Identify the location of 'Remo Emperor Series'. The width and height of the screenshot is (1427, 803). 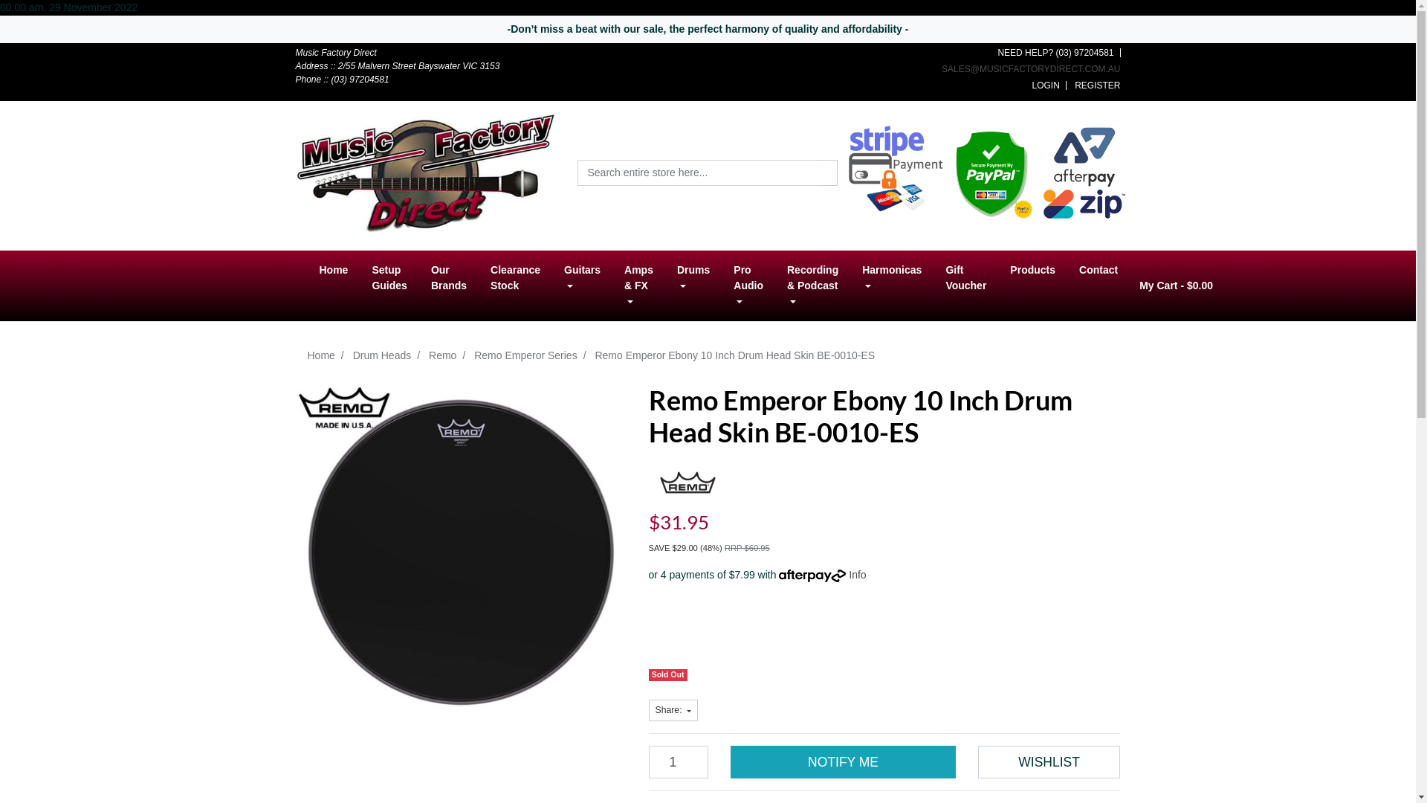
(525, 355).